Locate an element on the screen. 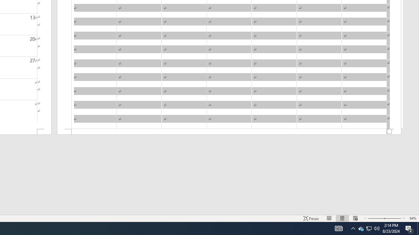 This screenshot has height=235, width=419. 'Focus ' is located at coordinates (311, 218).